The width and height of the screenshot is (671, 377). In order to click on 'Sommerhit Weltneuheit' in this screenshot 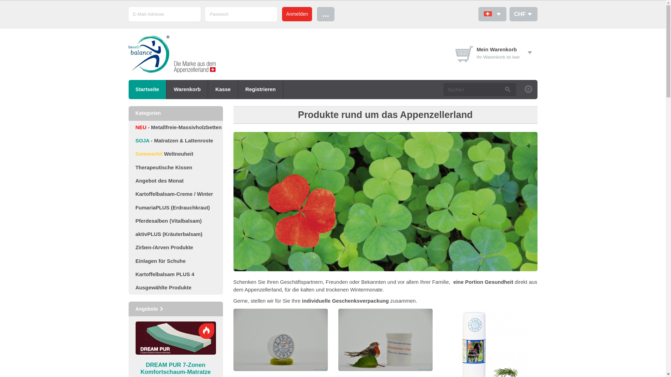, I will do `click(176, 153)`.